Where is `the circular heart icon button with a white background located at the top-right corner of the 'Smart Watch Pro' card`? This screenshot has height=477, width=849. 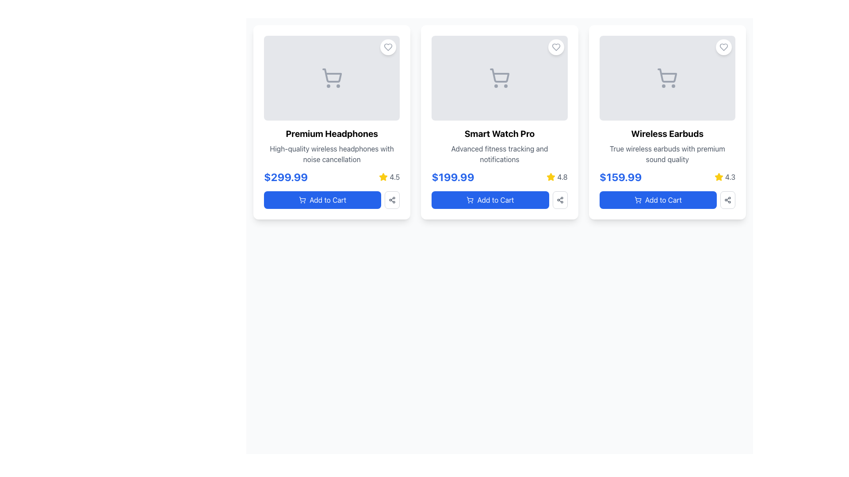
the circular heart icon button with a white background located at the top-right corner of the 'Smart Watch Pro' card is located at coordinates (555, 47).